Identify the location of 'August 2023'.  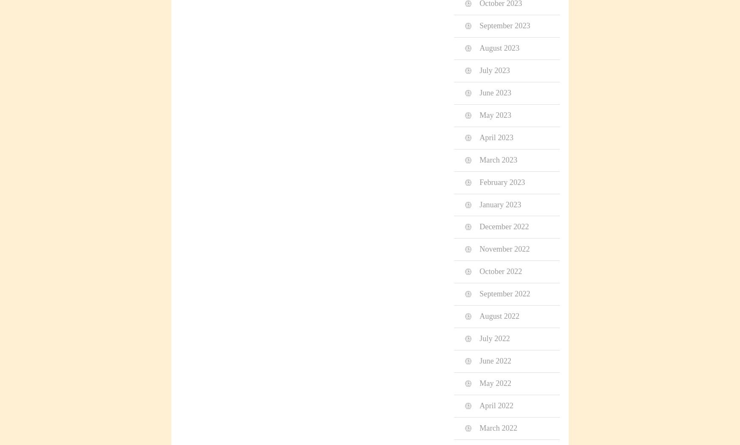
(499, 48).